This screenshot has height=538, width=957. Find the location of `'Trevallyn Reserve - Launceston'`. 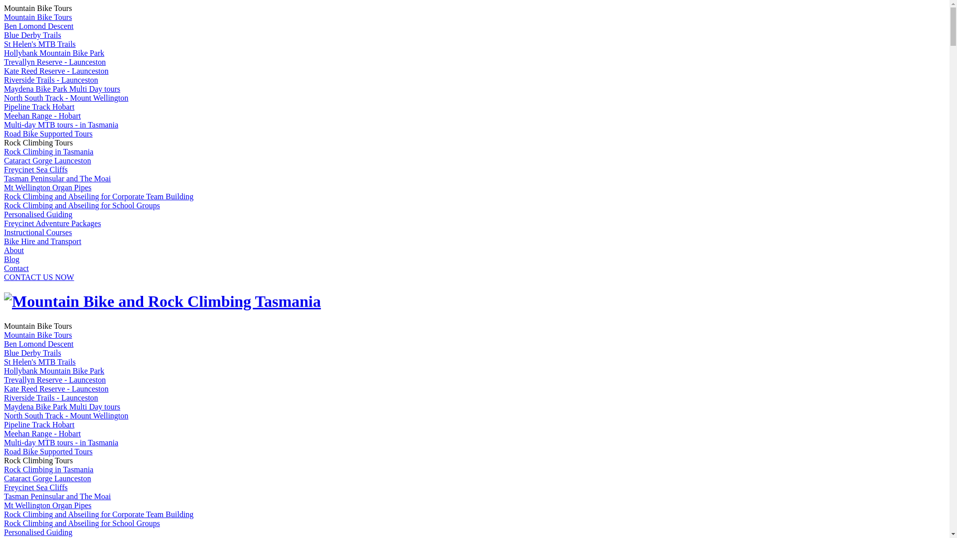

'Trevallyn Reserve - Launceston' is located at coordinates (4, 380).